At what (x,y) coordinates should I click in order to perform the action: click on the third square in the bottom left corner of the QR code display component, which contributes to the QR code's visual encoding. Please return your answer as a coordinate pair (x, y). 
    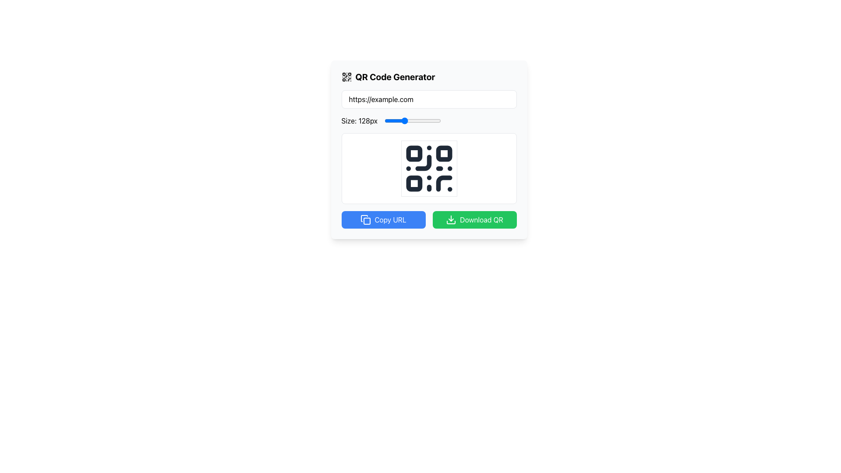
    Looking at the image, I should click on (413, 183).